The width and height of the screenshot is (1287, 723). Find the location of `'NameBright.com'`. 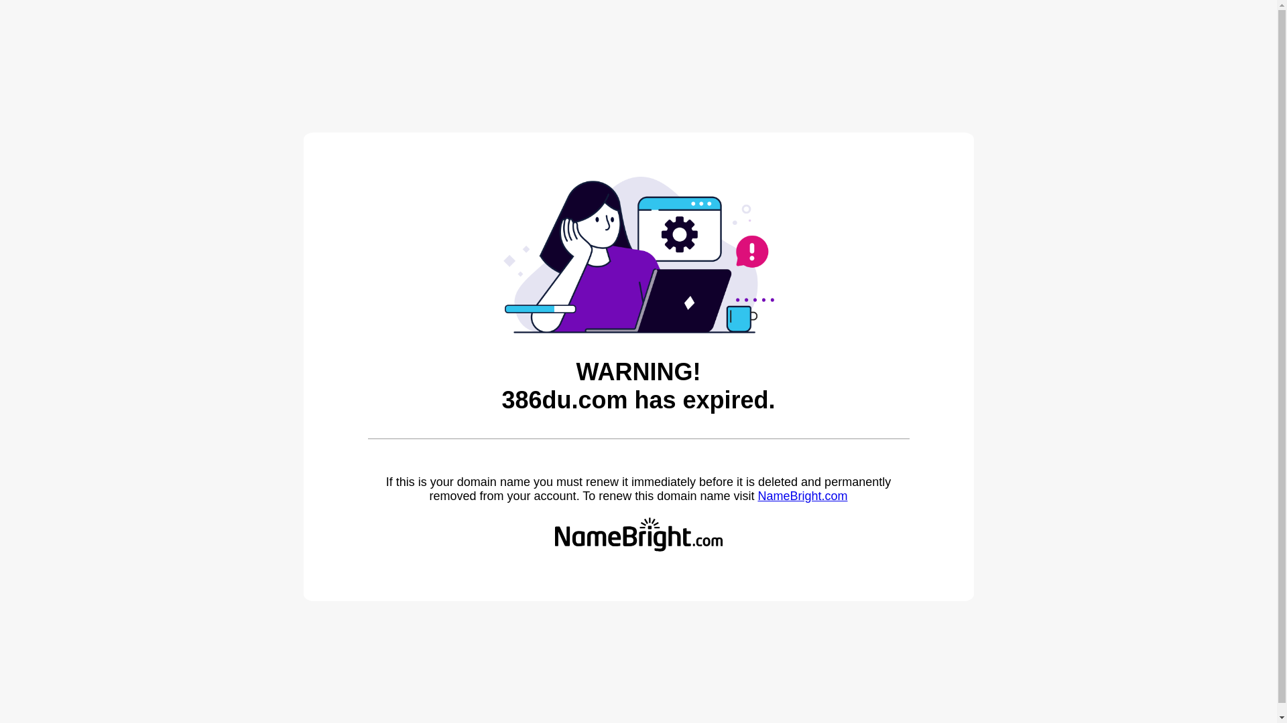

'NameBright.com' is located at coordinates (802, 495).